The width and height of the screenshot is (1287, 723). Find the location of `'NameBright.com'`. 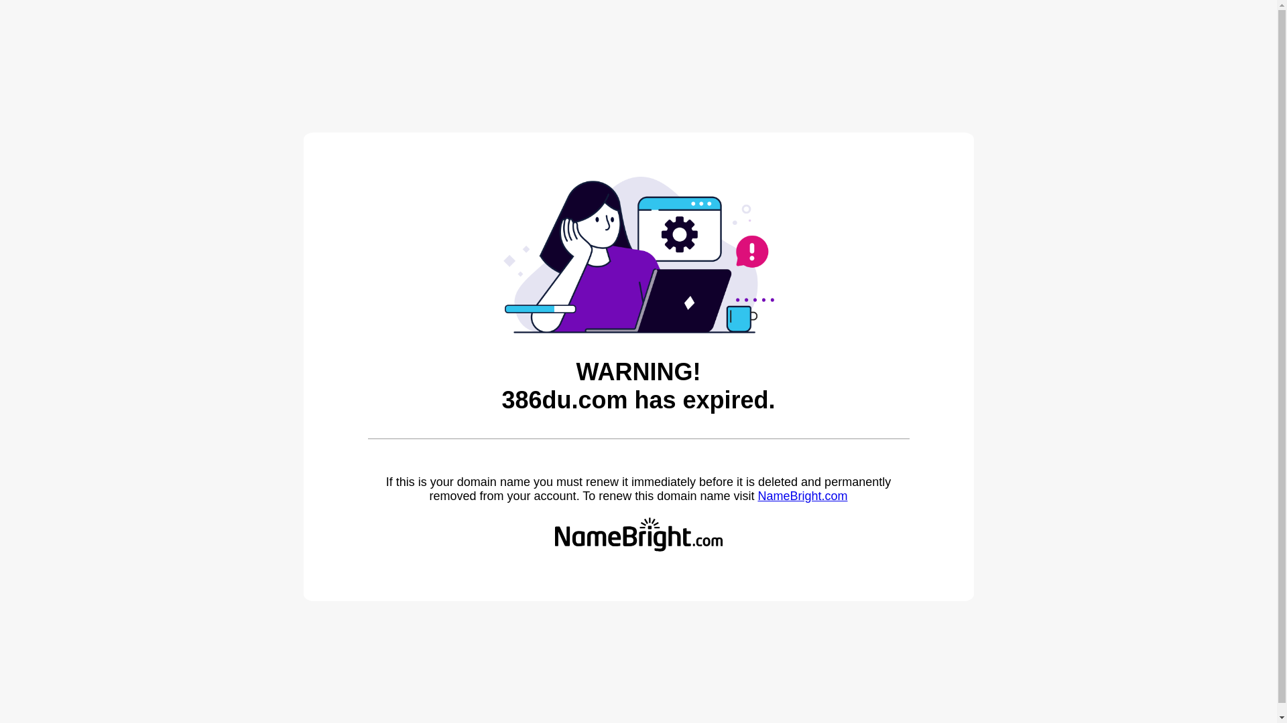

'NameBright.com' is located at coordinates (802, 495).